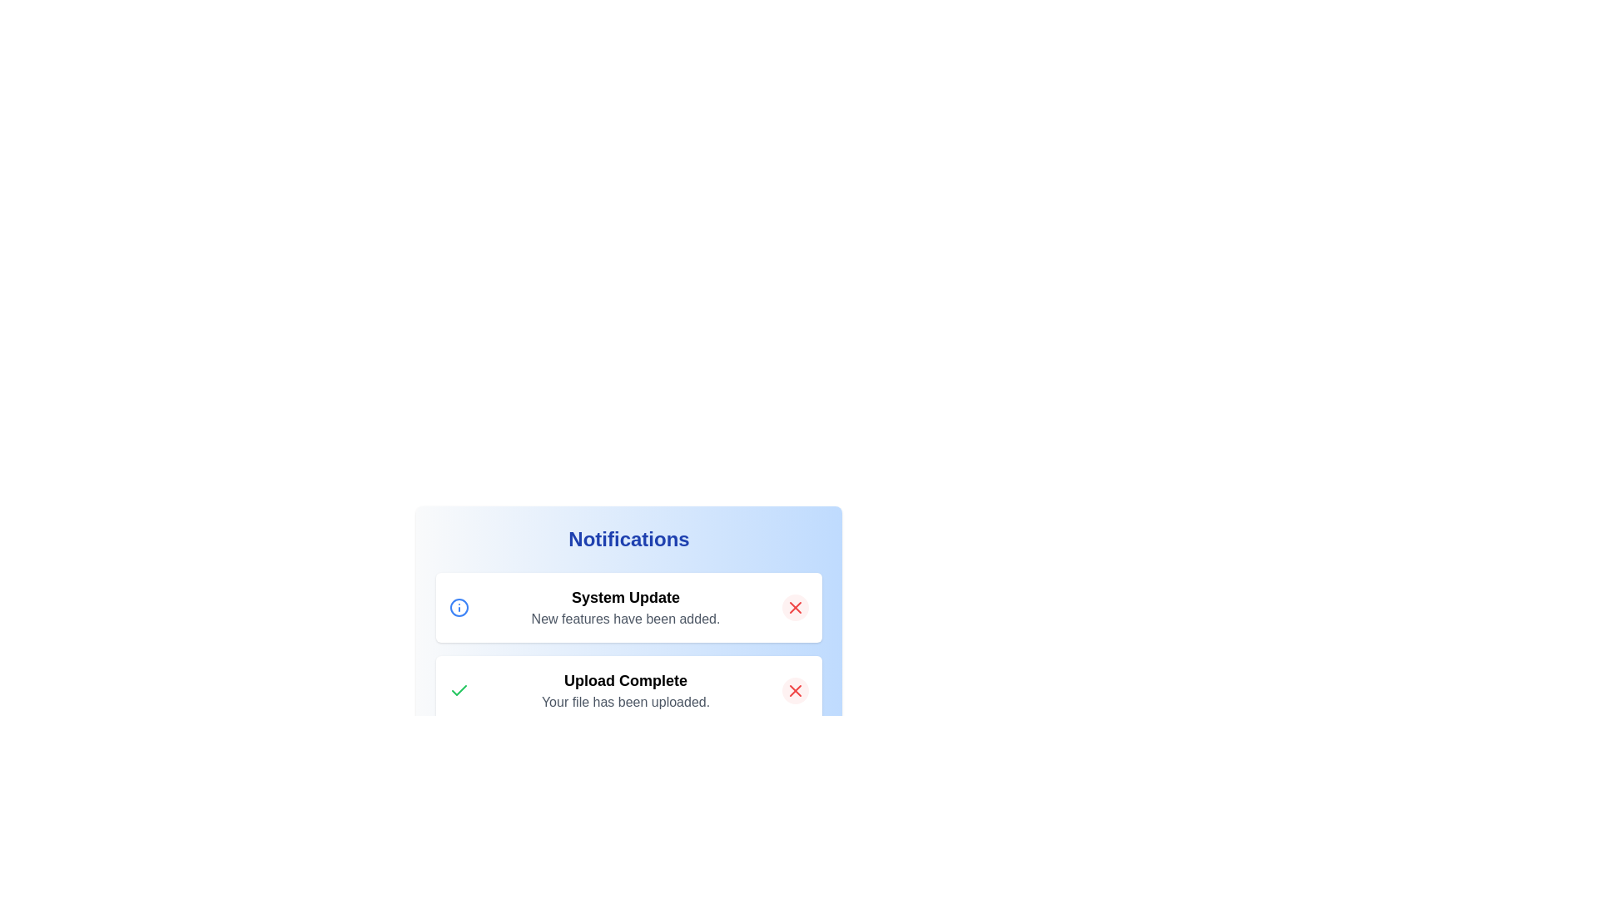 This screenshot has height=898, width=1598. I want to click on the circular button with a red border and red 'X' icon located at the top-right corner of the 'Upload Complete' notification, so click(794, 690).